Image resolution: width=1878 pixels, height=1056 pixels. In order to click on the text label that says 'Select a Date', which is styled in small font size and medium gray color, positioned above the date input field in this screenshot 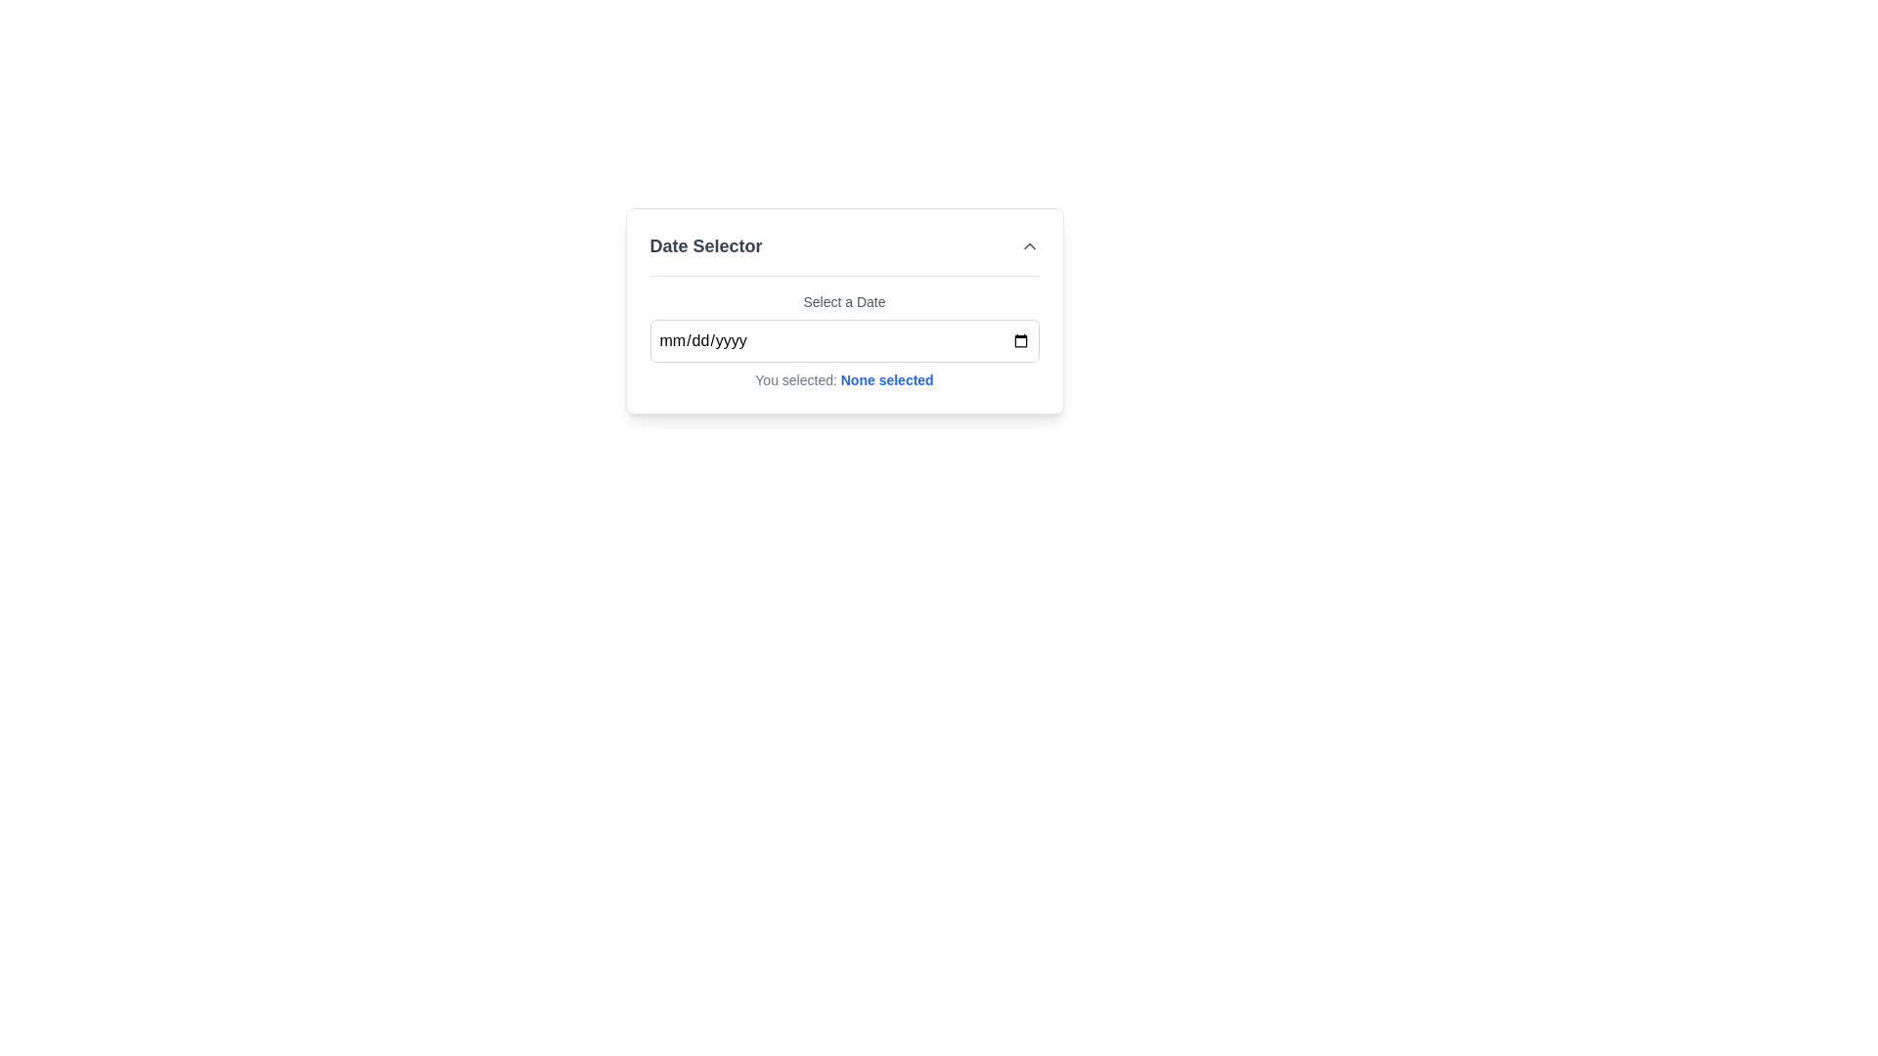, I will do `click(844, 301)`.